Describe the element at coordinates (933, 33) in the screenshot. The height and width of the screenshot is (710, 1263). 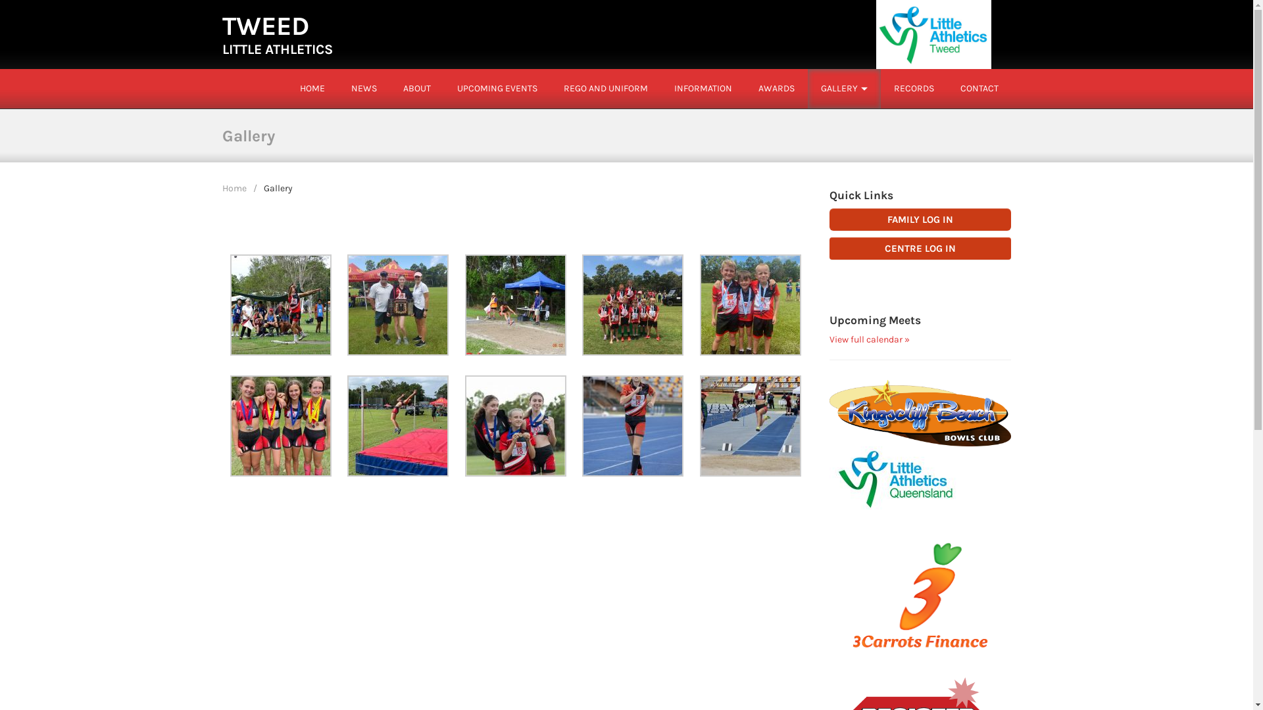
I see `'Tweed LAC'` at that location.